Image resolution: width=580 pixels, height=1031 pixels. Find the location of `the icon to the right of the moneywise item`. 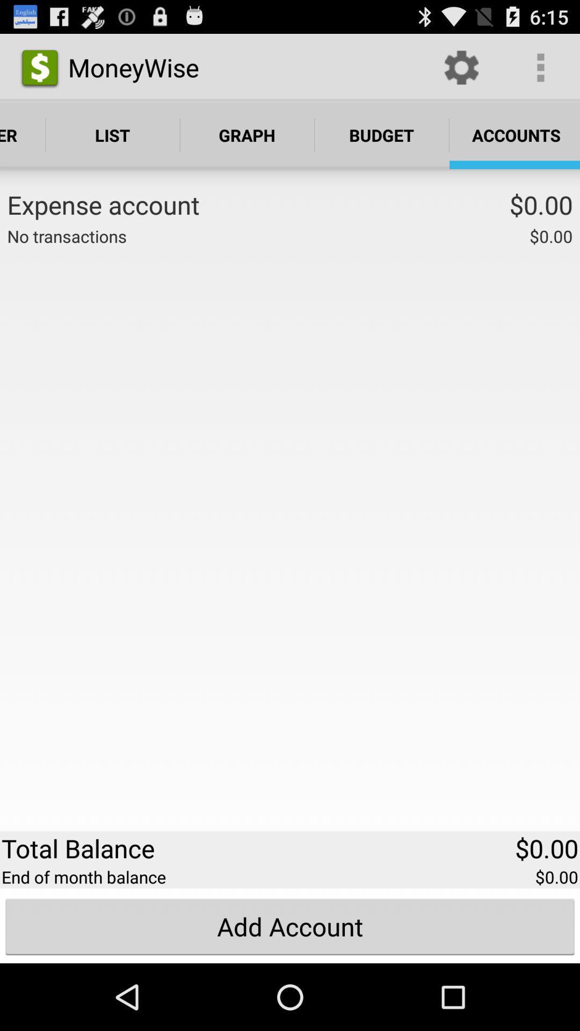

the icon to the right of the moneywise item is located at coordinates (461, 67).